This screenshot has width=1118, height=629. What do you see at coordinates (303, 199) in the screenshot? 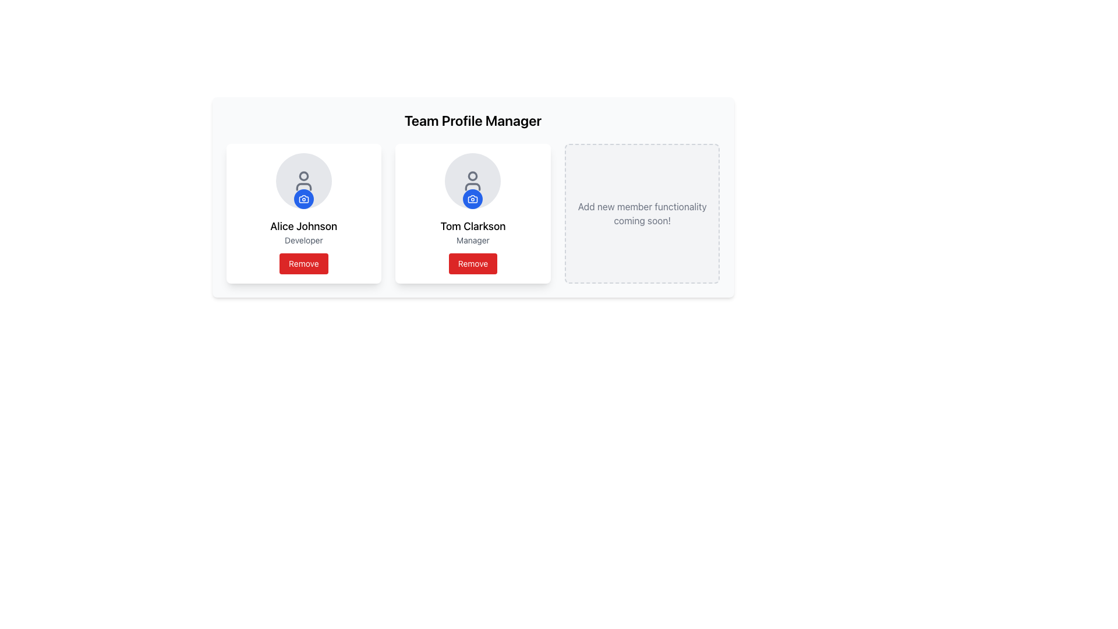
I see `the camera icon in Alice Johnson's user profile card, which is styled with a blue fill and positioned beneath her avatar` at bounding box center [303, 199].